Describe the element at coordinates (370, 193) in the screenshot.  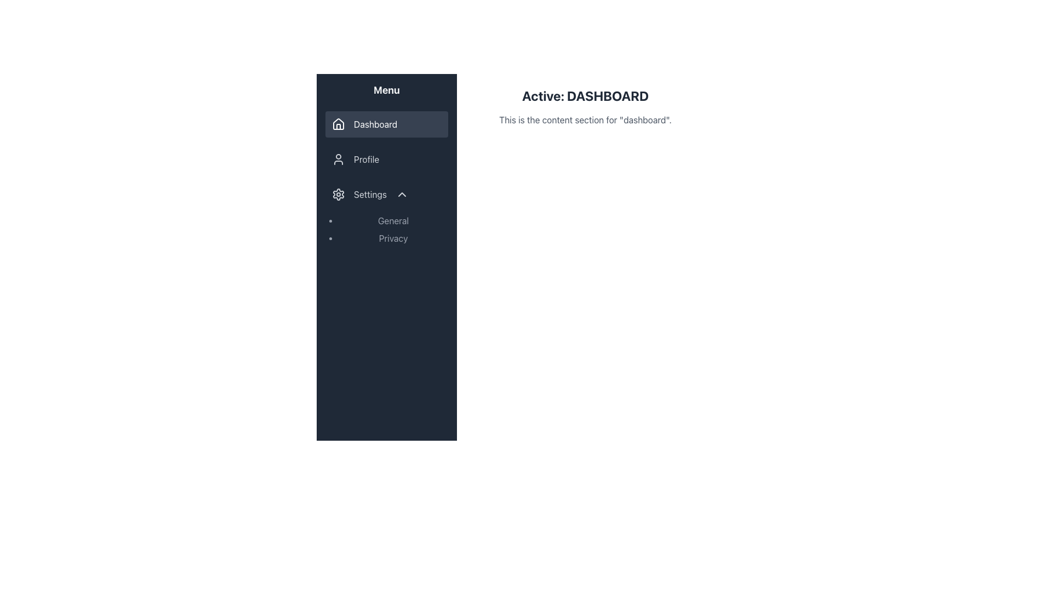
I see `the Text Label that activates the settings section of the application, located in the left-side navigation menu, directly to the right of the gear icon, and is the third item in the vertical list` at that location.